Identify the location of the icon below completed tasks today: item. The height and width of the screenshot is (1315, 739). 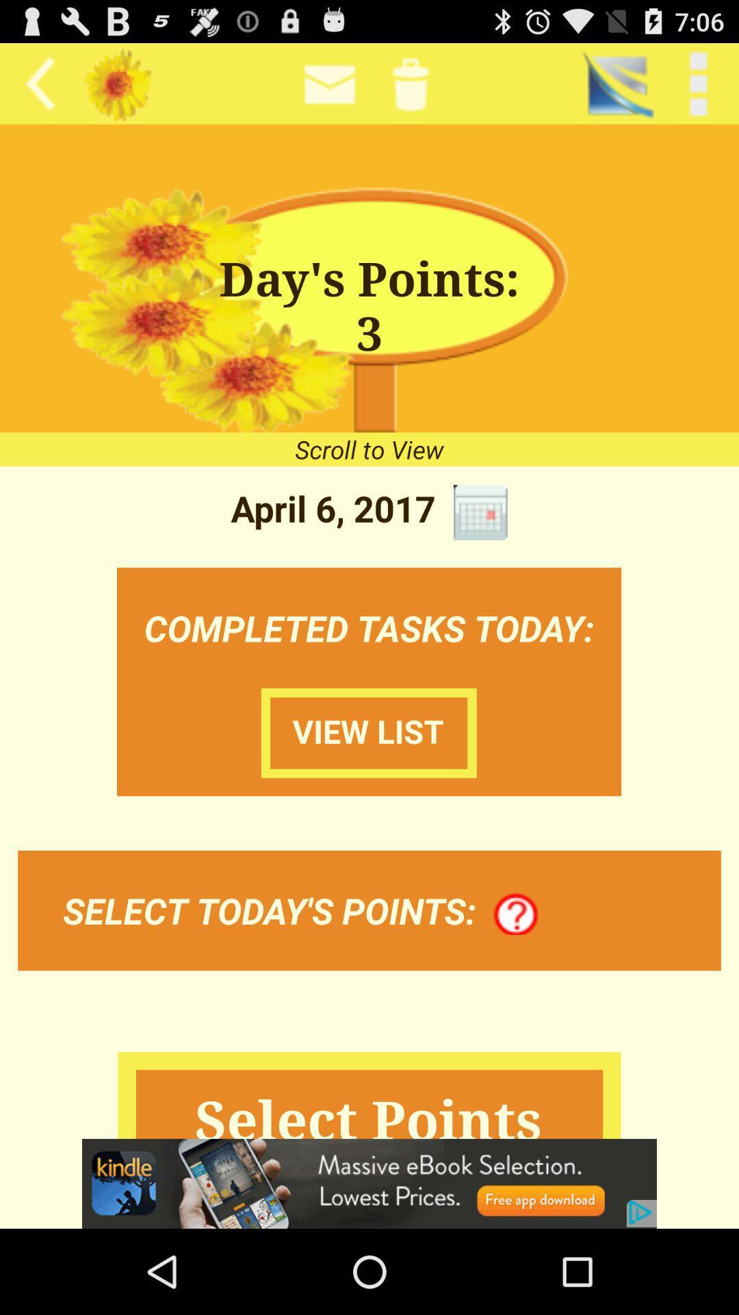
(368, 732).